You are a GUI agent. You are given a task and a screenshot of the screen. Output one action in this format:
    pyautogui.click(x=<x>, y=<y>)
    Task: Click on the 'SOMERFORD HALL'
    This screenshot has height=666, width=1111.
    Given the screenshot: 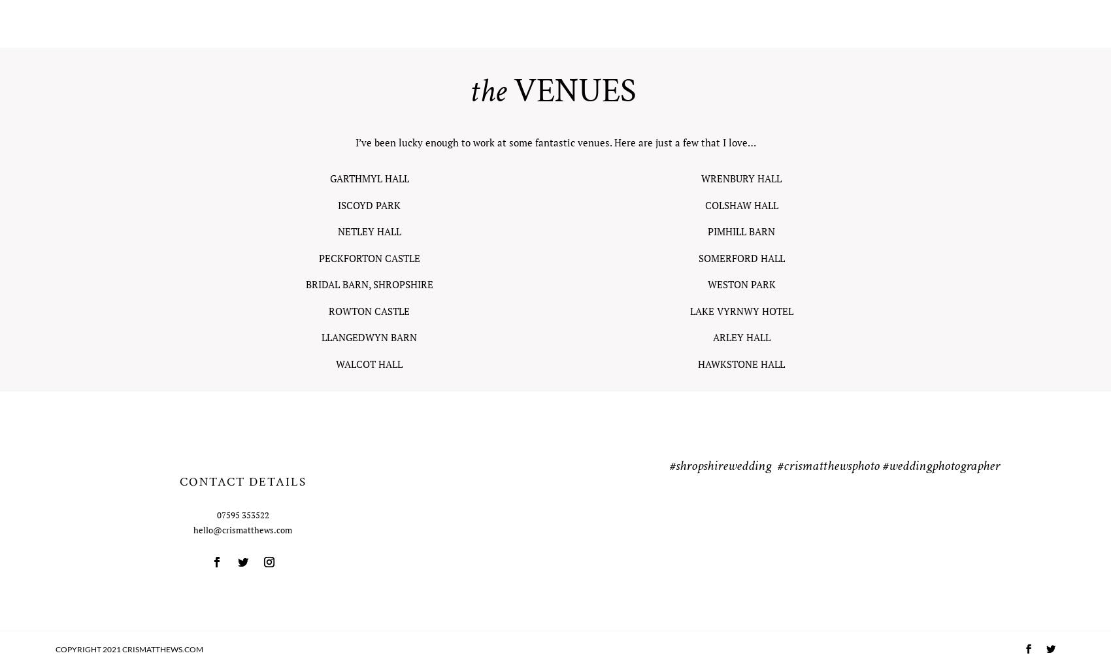 What is the action you would take?
    pyautogui.click(x=741, y=257)
    